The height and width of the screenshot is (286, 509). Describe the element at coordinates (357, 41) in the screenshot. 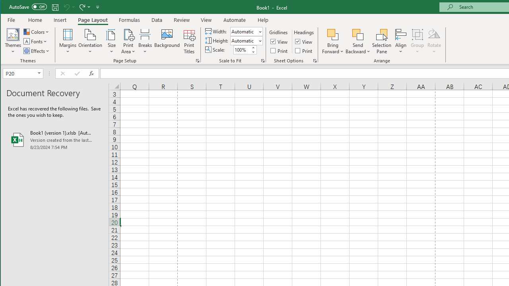

I see `'Send Backward'` at that location.